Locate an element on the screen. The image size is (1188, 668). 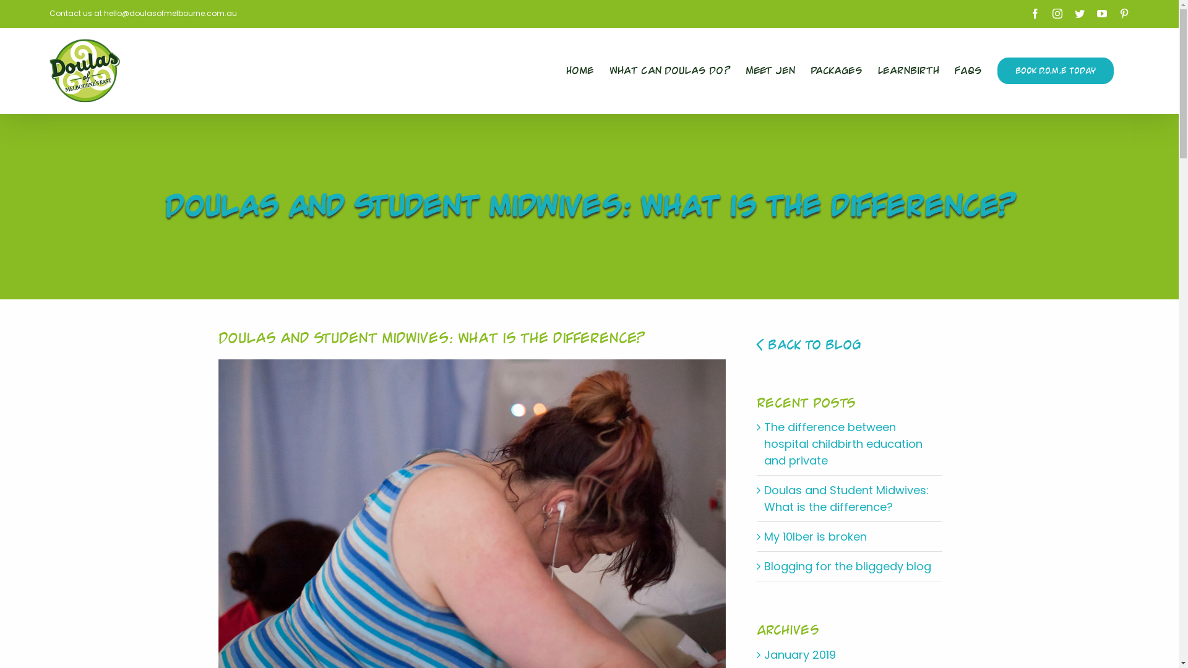
'January 2019' is located at coordinates (799, 654).